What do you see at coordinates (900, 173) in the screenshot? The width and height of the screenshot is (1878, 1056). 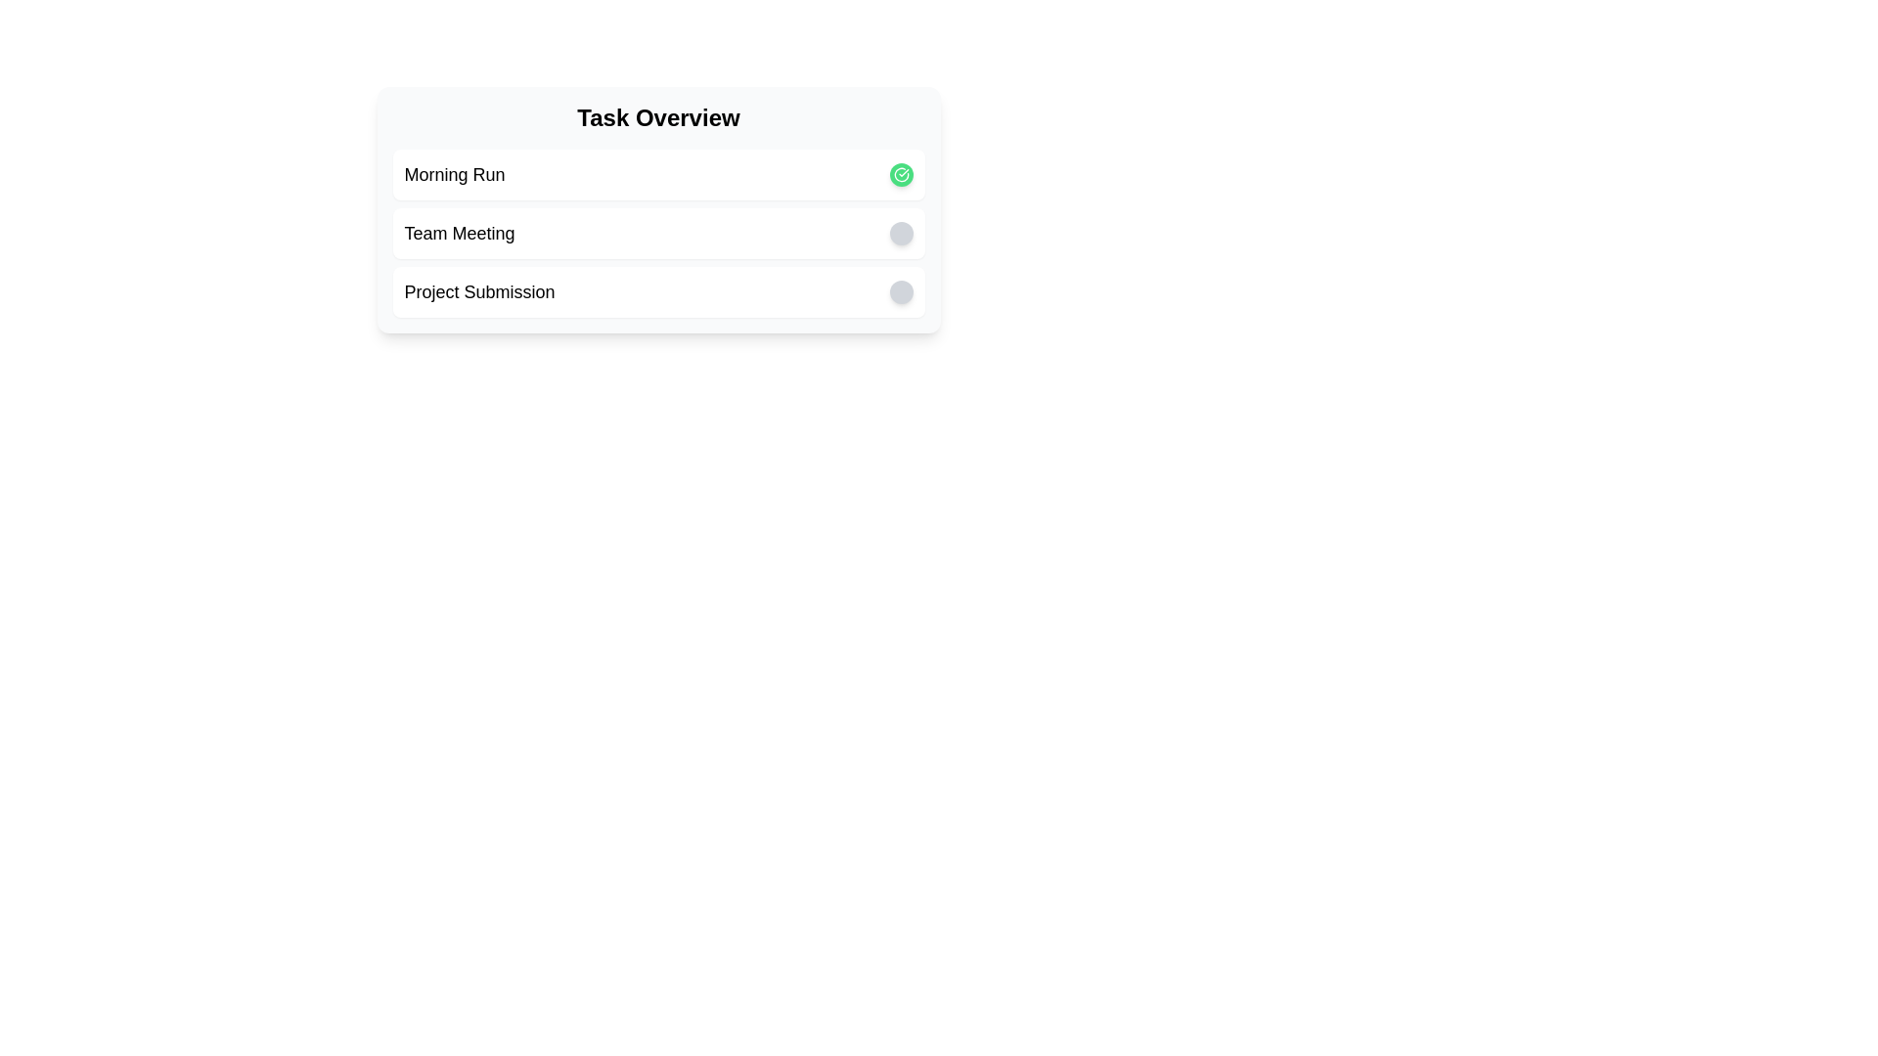 I see `the circular checkmark icon with a green background located at the right end of the first task item labeled 'Morning Run'` at bounding box center [900, 173].